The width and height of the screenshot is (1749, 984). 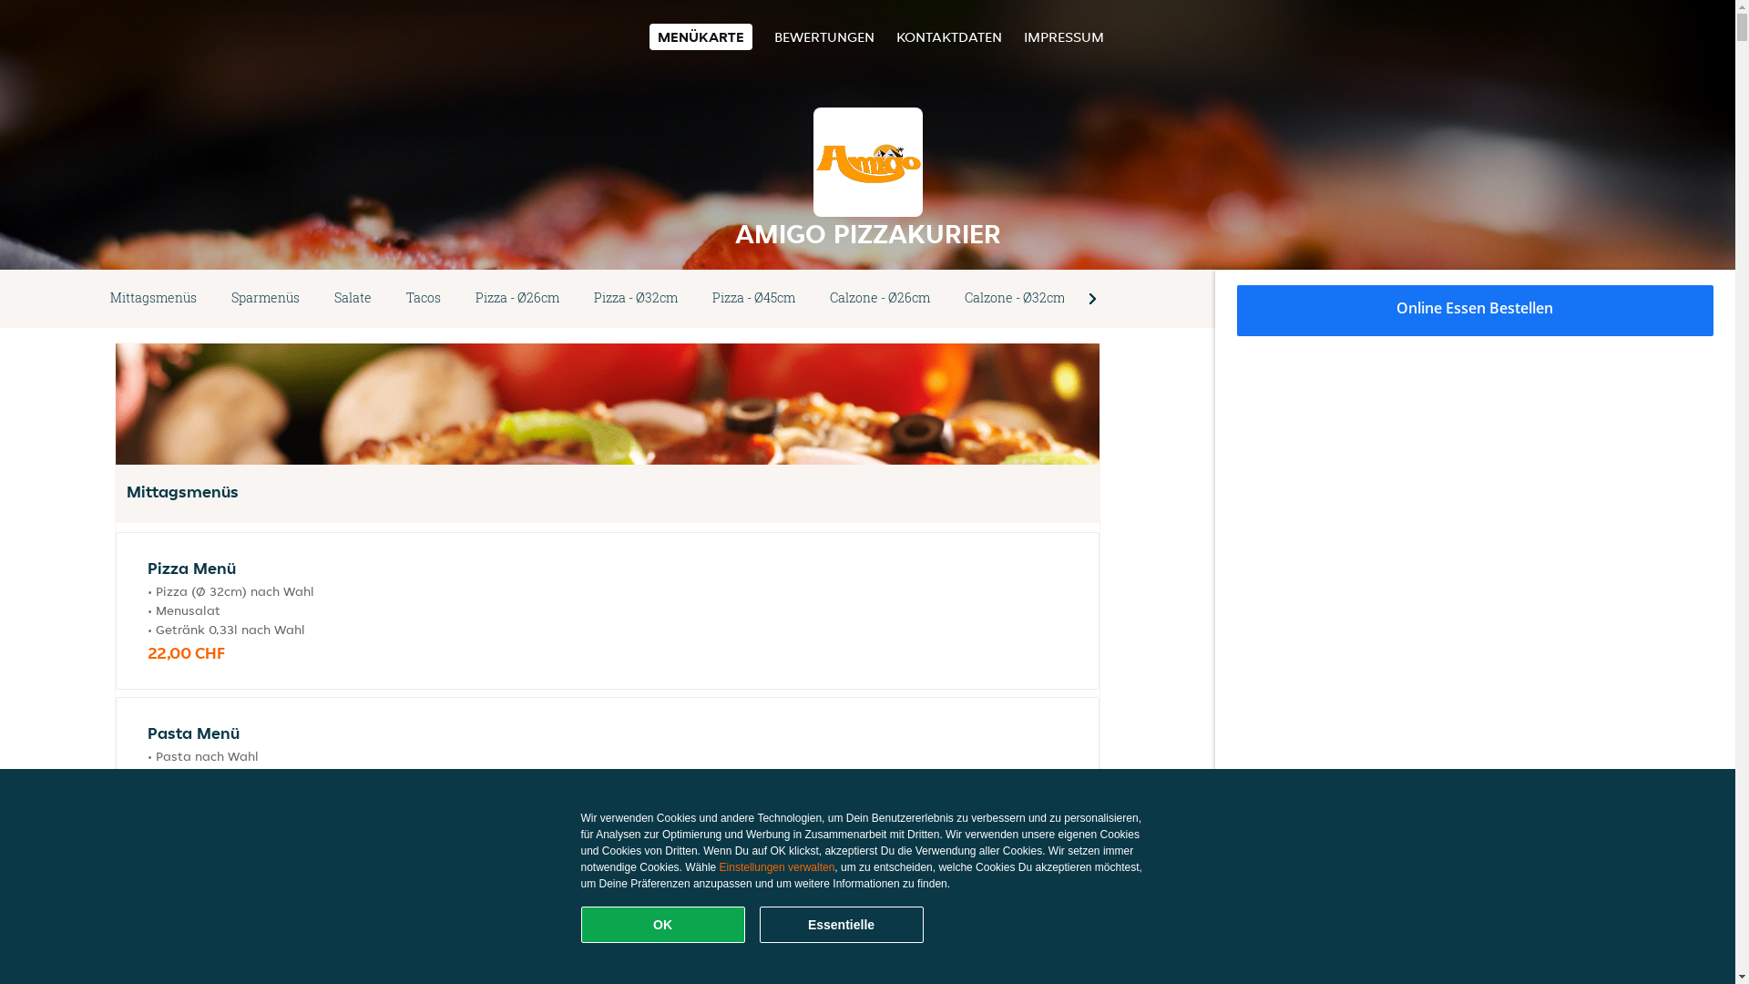 What do you see at coordinates (947, 36) in the screenshot?
I see `'KONTAKTDATEN'` at bounding box center [947, 36].